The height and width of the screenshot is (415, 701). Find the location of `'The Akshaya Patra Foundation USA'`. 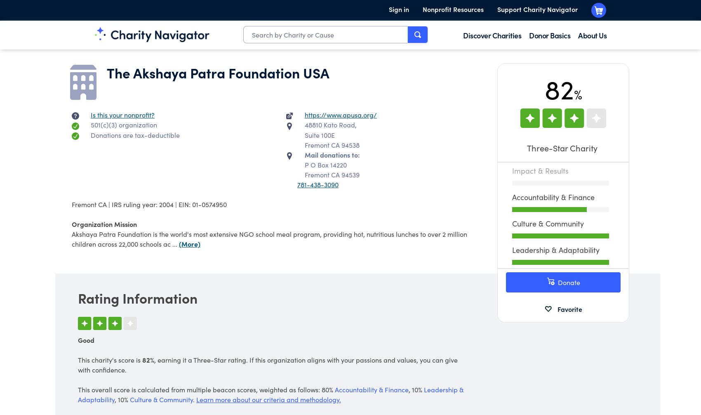

'The Akshaya Patra Foundation USA' is located at coordinates (107, 72).